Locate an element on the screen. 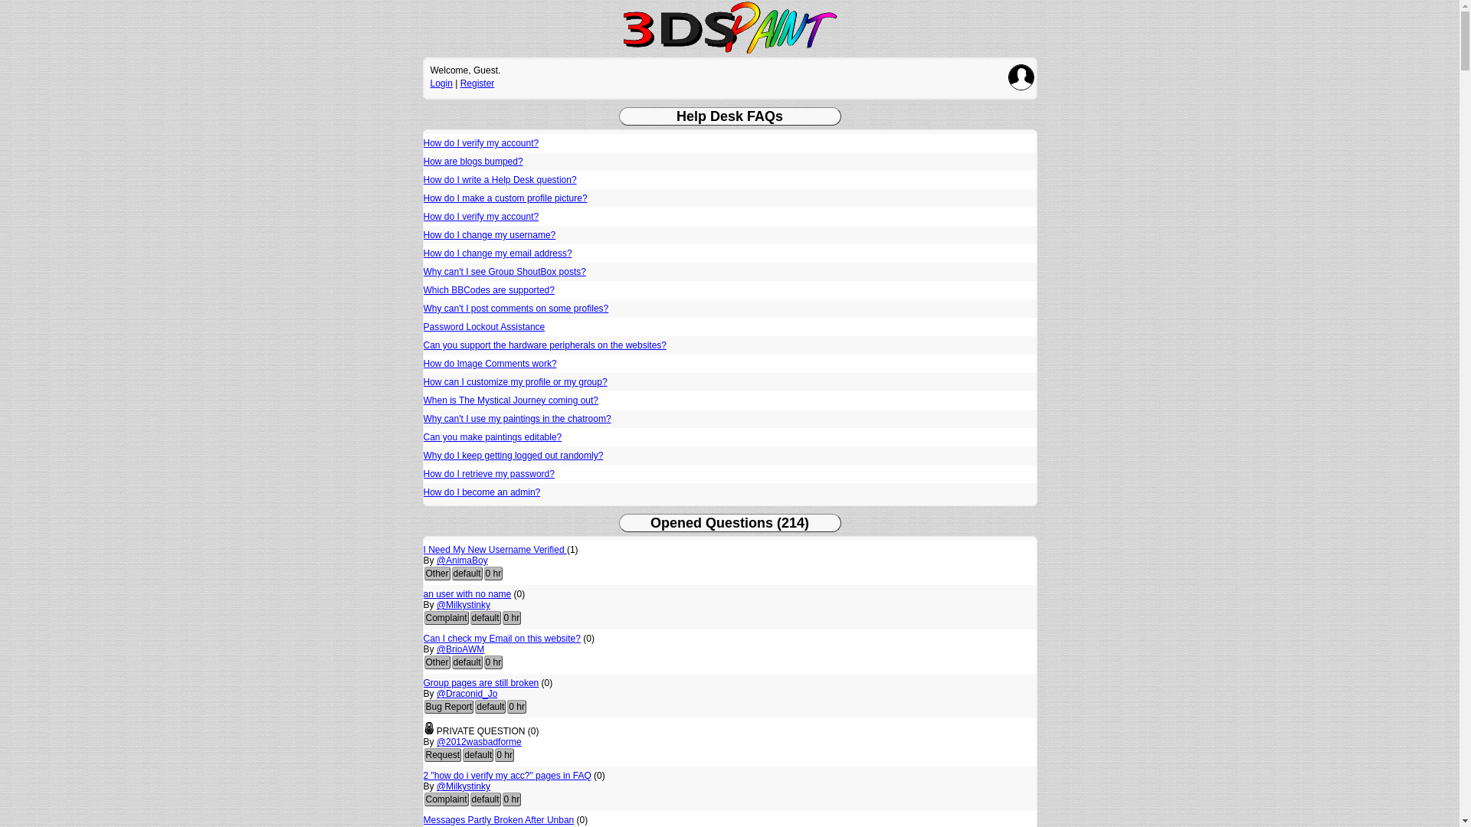  'Password Lockout Assistance' is located at coordinates (483, 326).